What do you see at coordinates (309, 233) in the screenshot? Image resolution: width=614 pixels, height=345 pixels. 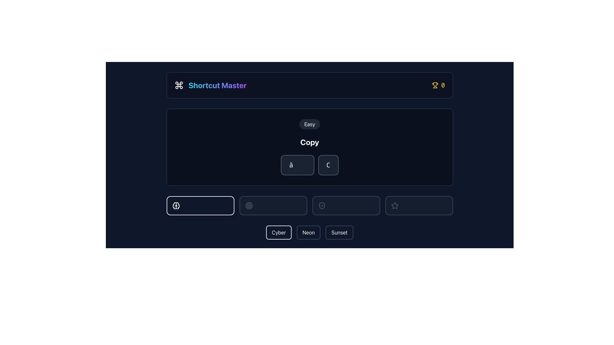 I see `the 'Neon' button, the second button in a group of three labeled 'Cyber', 'Neon', and 'Sunset'` at bounding box center [309, 233].